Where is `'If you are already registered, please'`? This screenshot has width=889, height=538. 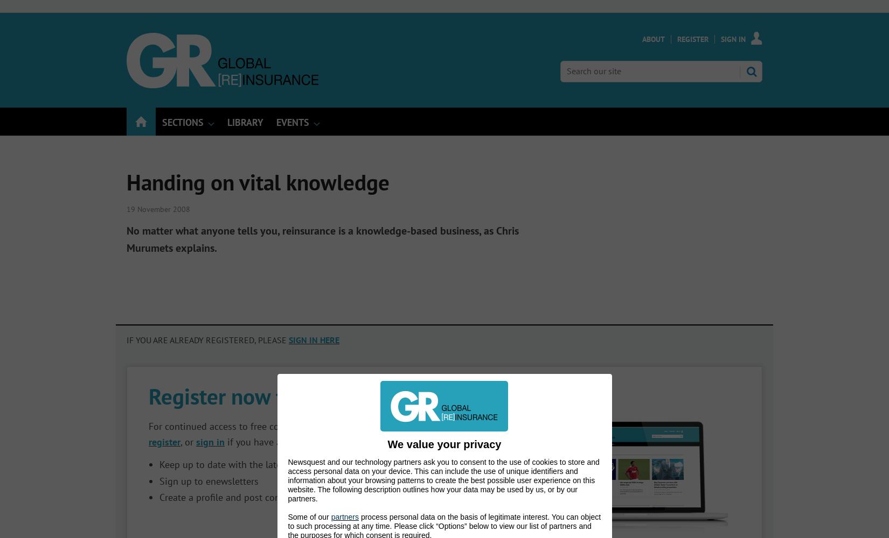 'If you are already registered, please' is located at coordinates (207, 340).